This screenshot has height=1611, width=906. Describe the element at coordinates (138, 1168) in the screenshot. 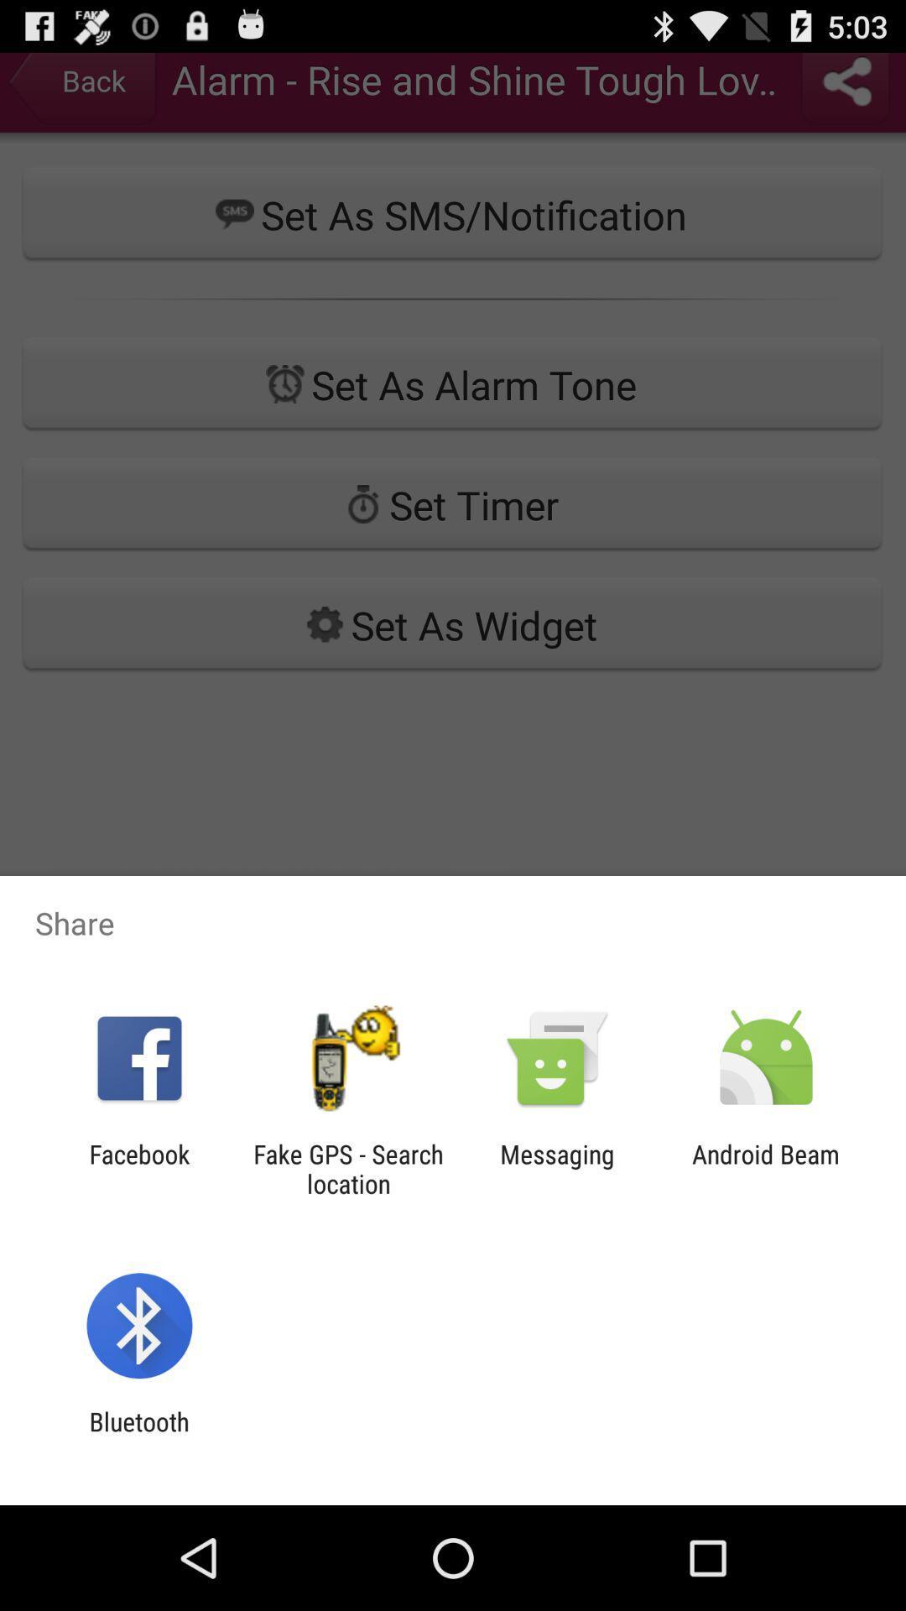

I see `the icon to the left of fake gps search` at that location.